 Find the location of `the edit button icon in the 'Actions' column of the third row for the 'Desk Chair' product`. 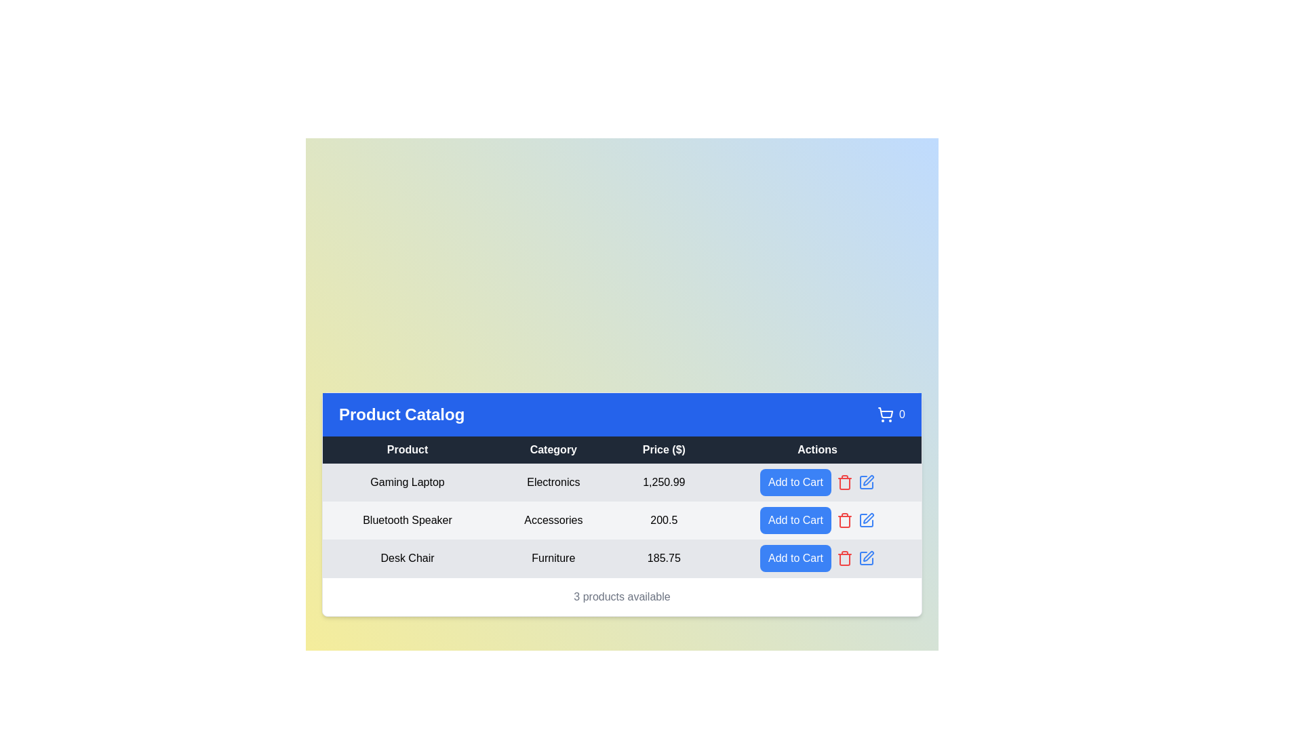

the edit button icon in the 'Actions' column of the third row for the 'Desk Chair' product is located at coordinates (865, 558).